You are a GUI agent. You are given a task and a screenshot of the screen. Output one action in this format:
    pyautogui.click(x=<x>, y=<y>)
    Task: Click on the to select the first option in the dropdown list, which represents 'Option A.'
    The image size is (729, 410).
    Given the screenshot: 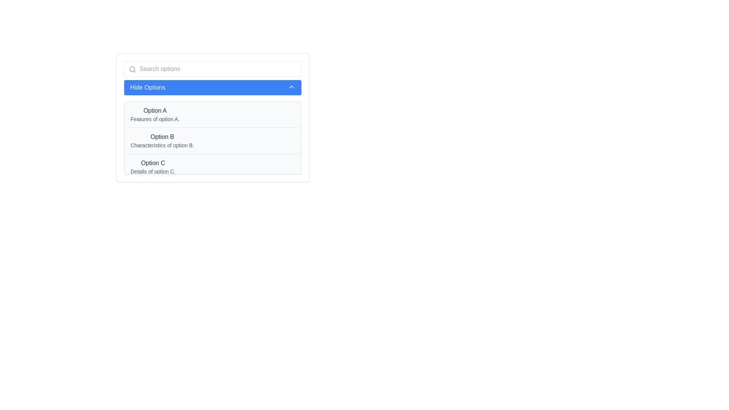 What is the action you would take?
    pyautogui.click(x=213, y=117)
    